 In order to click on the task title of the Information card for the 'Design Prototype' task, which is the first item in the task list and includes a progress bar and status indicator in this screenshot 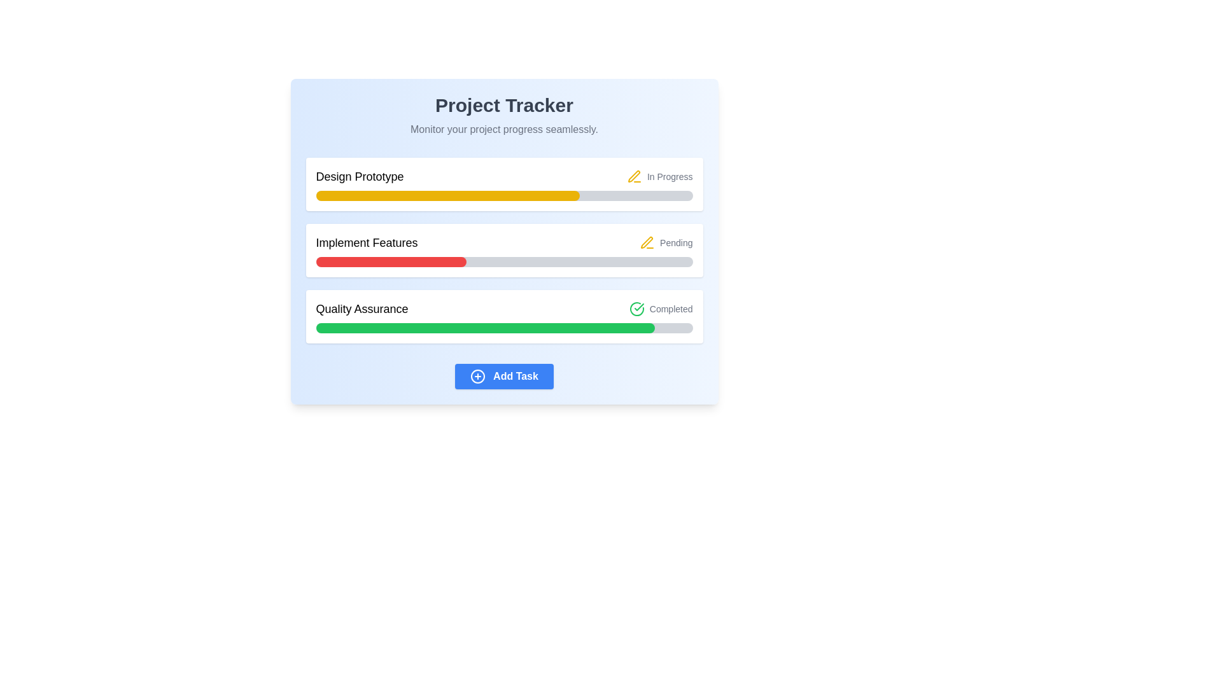, I will do `click(503, 184)`.